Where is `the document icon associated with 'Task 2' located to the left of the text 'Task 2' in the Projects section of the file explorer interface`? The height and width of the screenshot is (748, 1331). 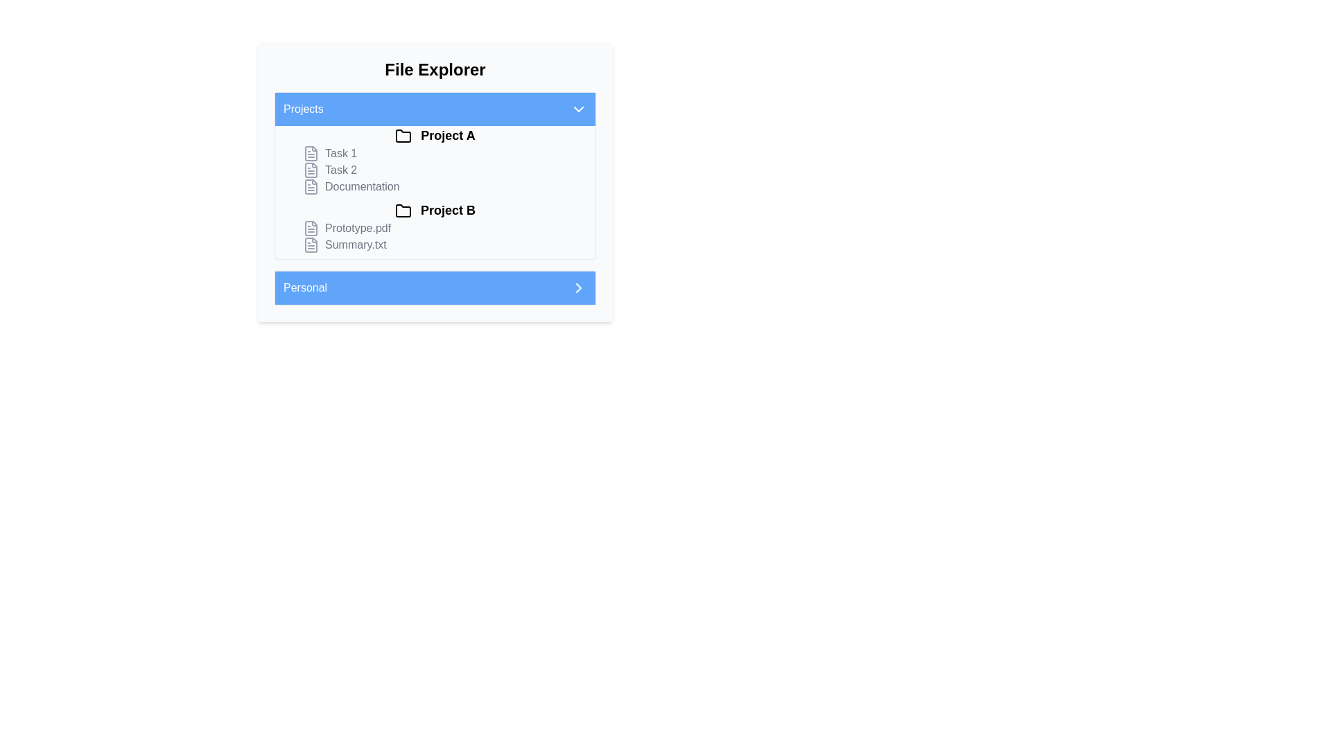
the document icon associated with 'Task 2' located to the left of the text 'Task 2' in the Projects section of the file explorer interface is located at coordinates (311, 170).